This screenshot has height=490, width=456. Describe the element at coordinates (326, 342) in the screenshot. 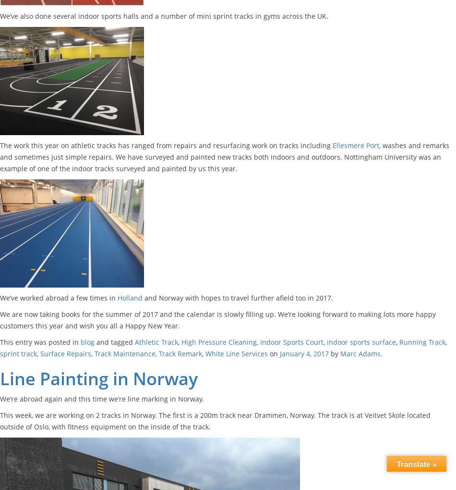

I see `'indoor sports surface'` at that location.